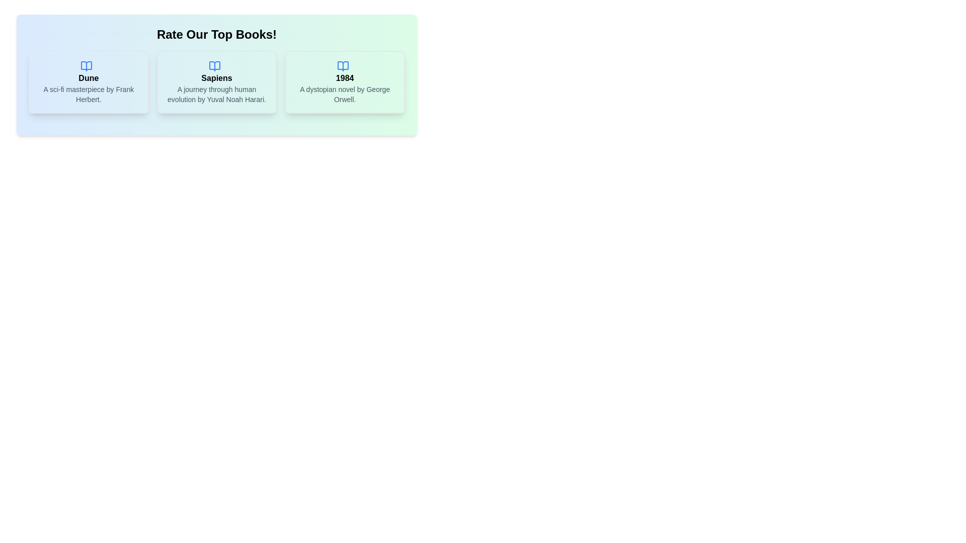 This screenshot has width=966, height=543. I want to click on the second card in the grid layout titled 'Rate Our Top Books!' to interact and gain more details about the respective book, so click(216, 81).